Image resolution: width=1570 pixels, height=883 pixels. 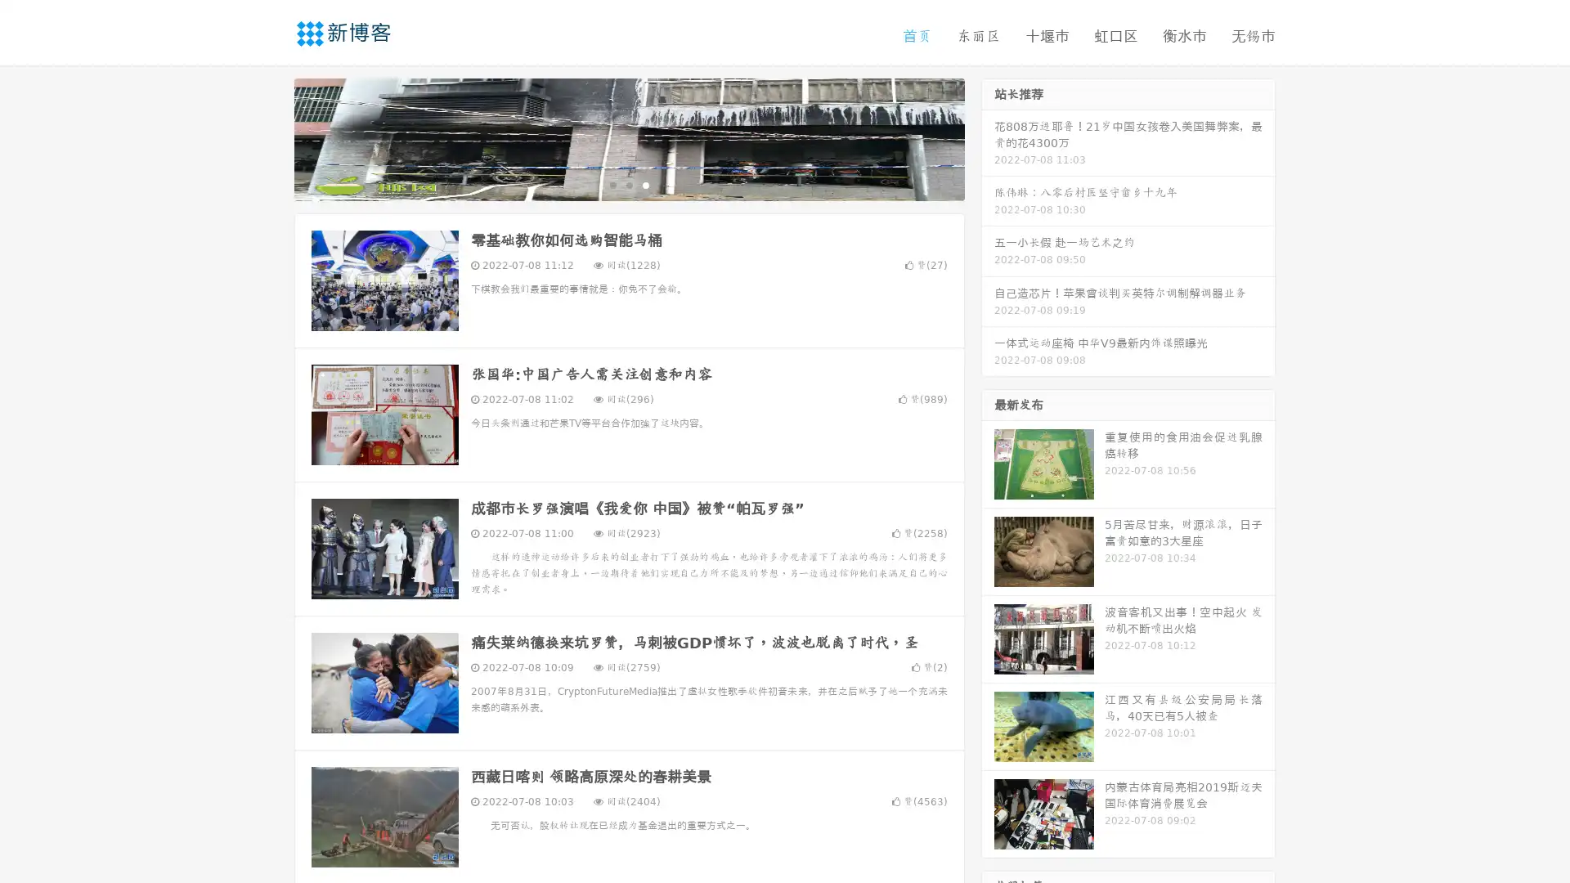 I want to click on Next slide, so click(x=988, y=137).